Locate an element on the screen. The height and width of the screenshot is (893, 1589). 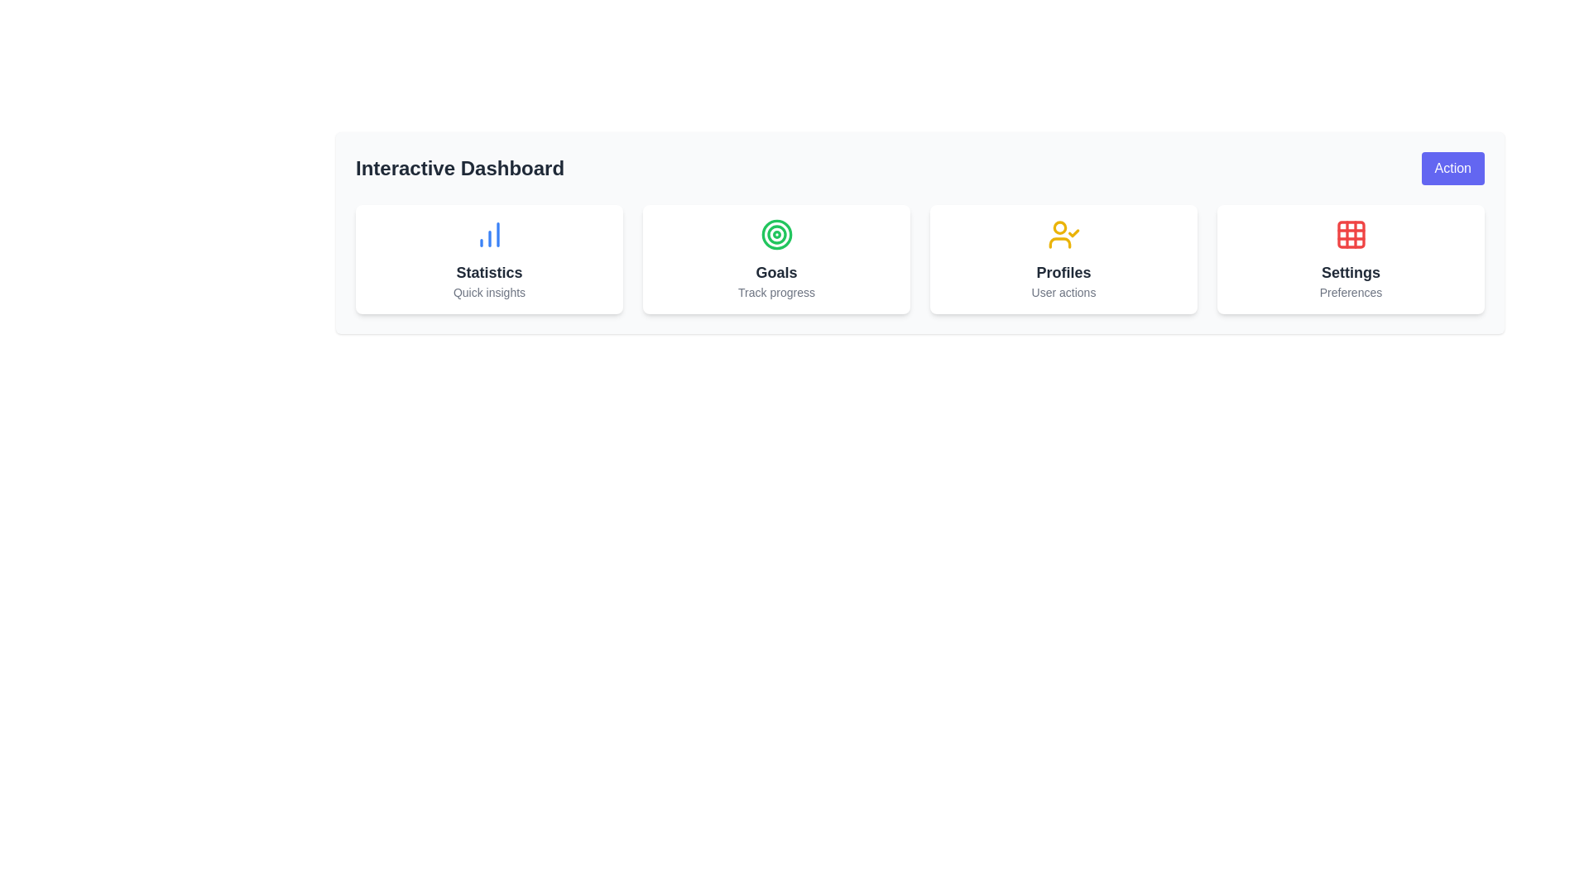
the static text description located at the bottom of the 'Profiles' card, which contextualizes user profiles is located at coordinates (1063, 292).